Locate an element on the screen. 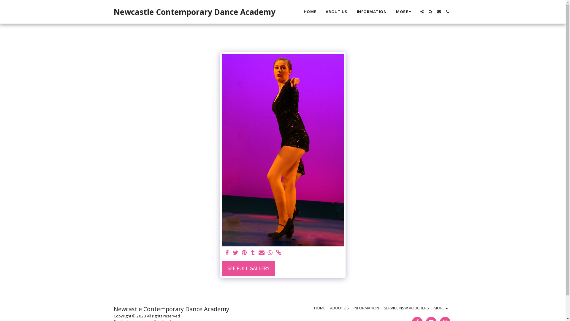  'Share by Email' is located at coordinates (261, 253).